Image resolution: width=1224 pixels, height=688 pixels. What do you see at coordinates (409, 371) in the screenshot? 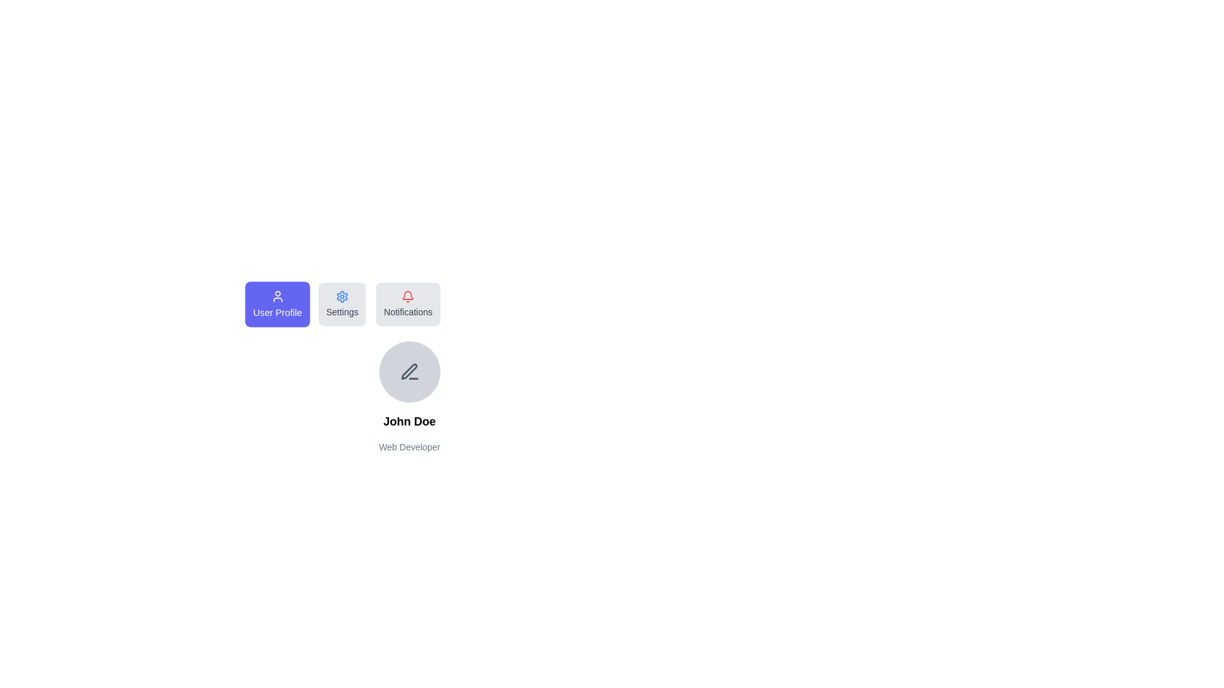
I see `the circular profile icon representing 'John Doe'` at bounding box center [409, 371].